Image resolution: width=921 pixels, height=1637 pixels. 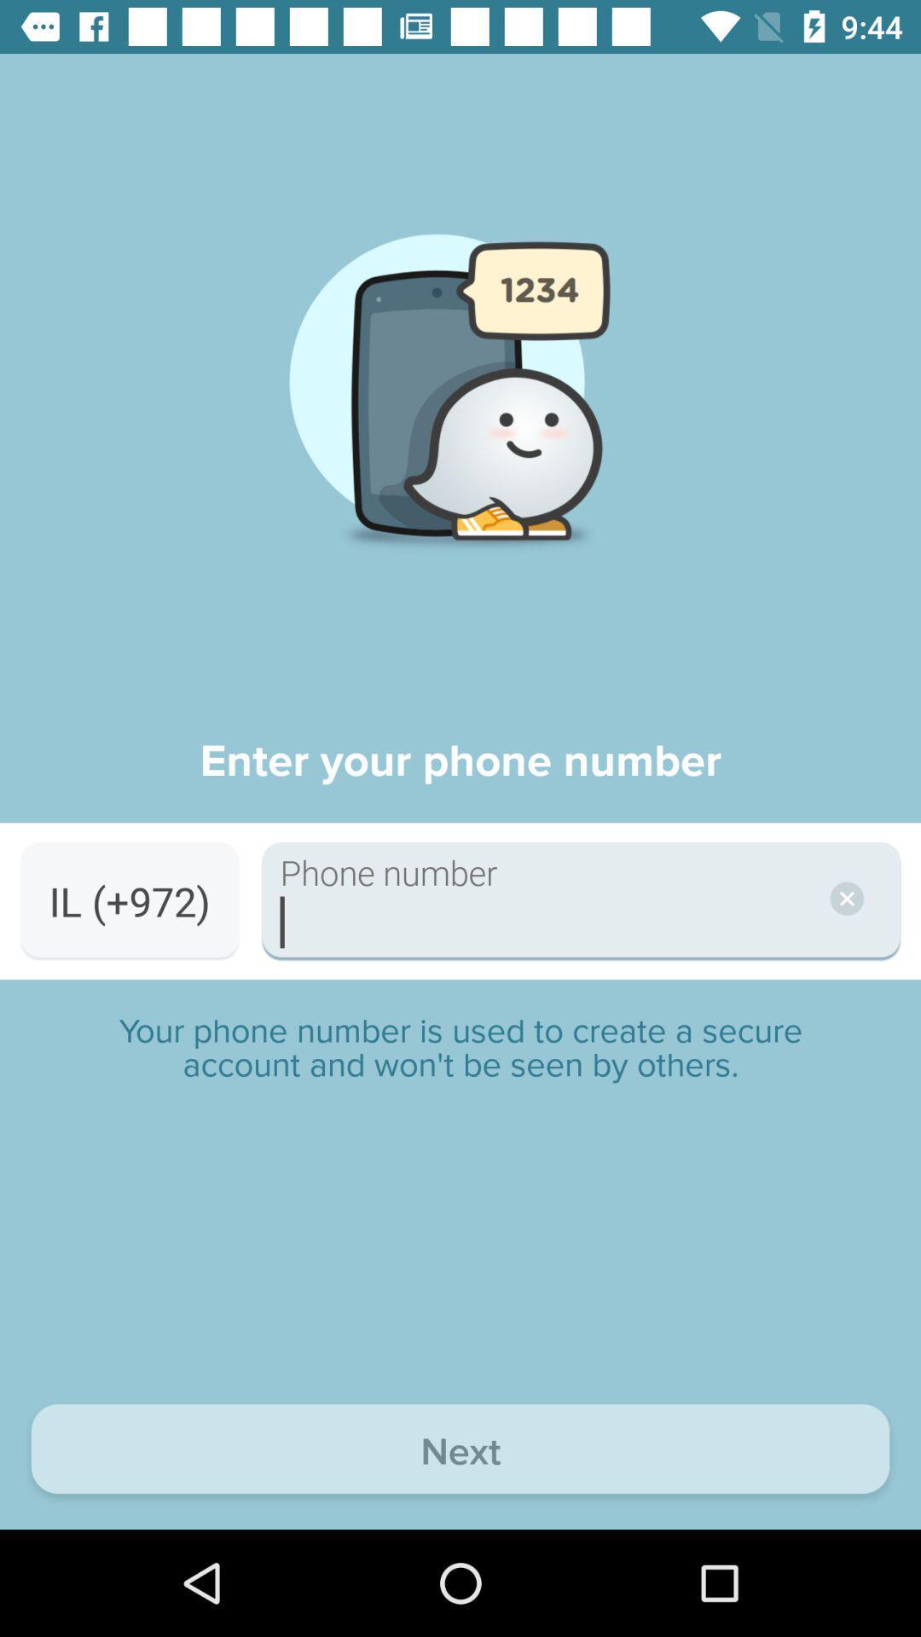 What do you see at coordinates (460, 1452) in the screenshot?
I see `next icon` at bounding box center [460, 1452].